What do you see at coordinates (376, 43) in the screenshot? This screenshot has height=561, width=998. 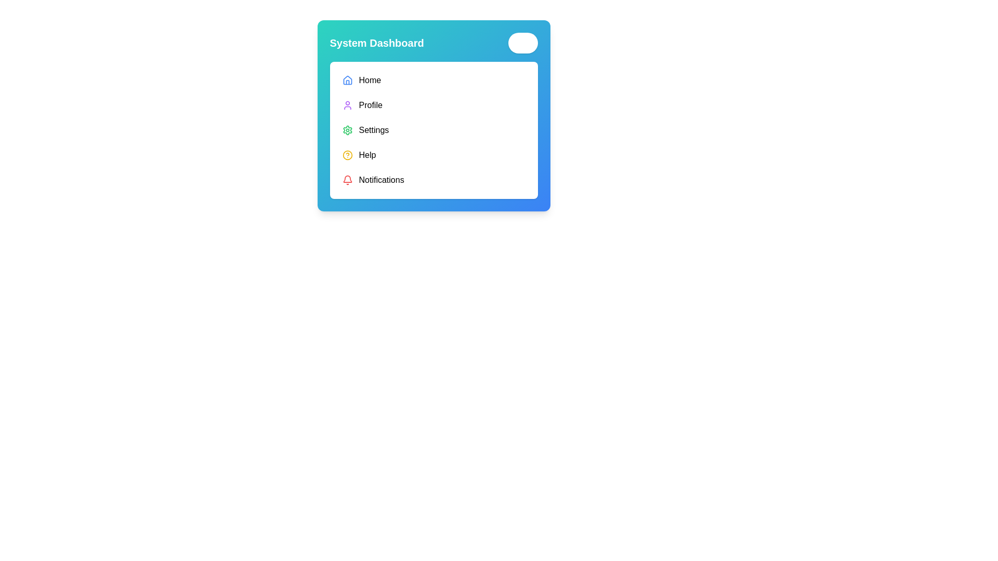 I see `the static text label that serves as a title or heading for the interface, located in the upper-left corner of the rectangular card interface` at bounding box center [376, 43].